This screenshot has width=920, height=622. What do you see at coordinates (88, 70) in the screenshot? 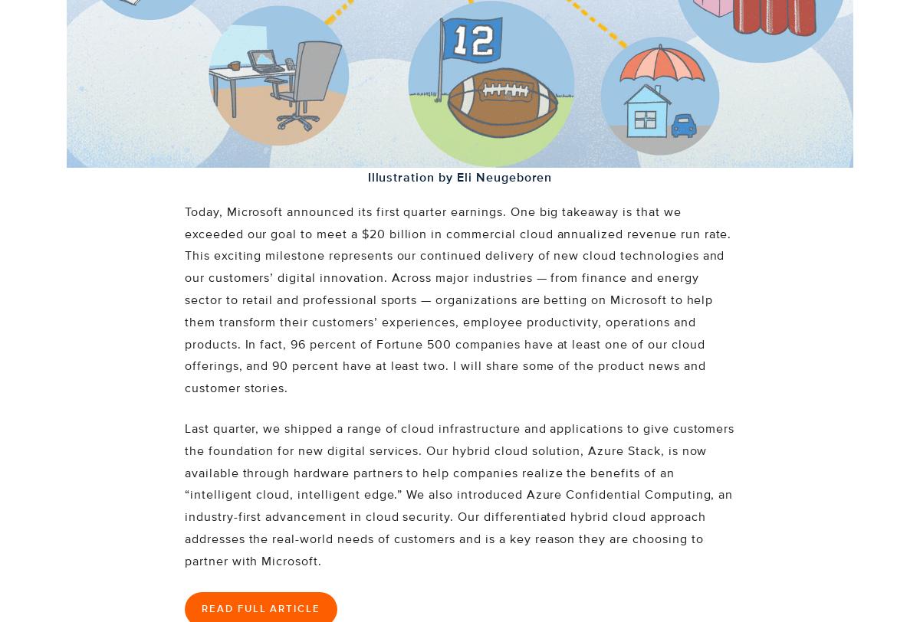
I see `'Careers'` at bounding box center [88, 70].